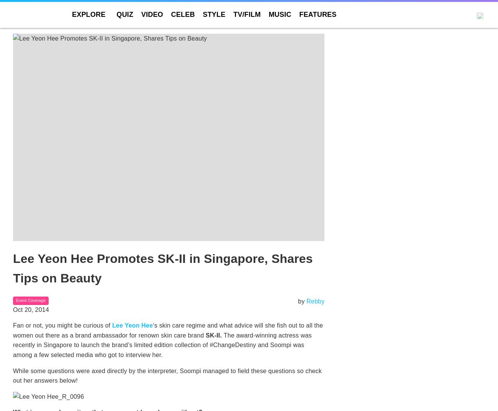 The width and height of the screenshot is (498, 411). I want to click on 'Quiz', so click(116, 14).